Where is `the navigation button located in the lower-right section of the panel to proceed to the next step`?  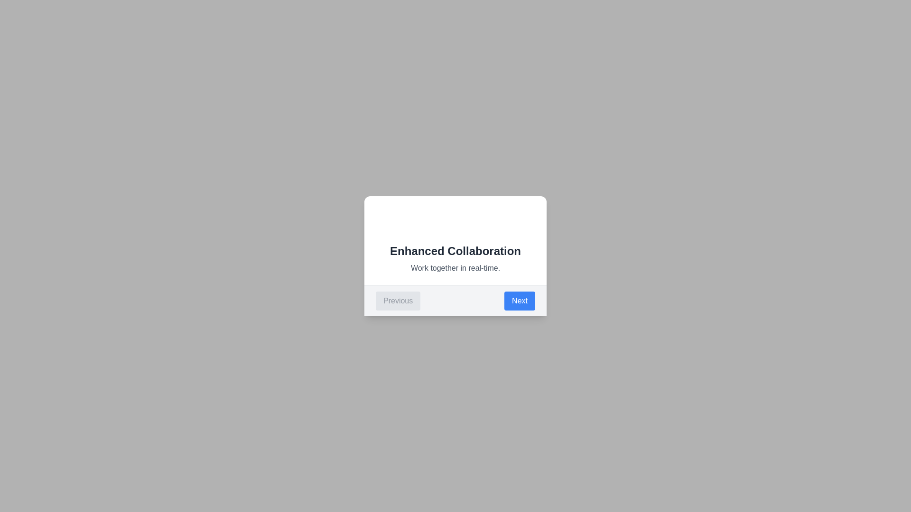 the navigation button located in the lower-right section of the panel to proceed to the next step is located at coordinates (519, 301).